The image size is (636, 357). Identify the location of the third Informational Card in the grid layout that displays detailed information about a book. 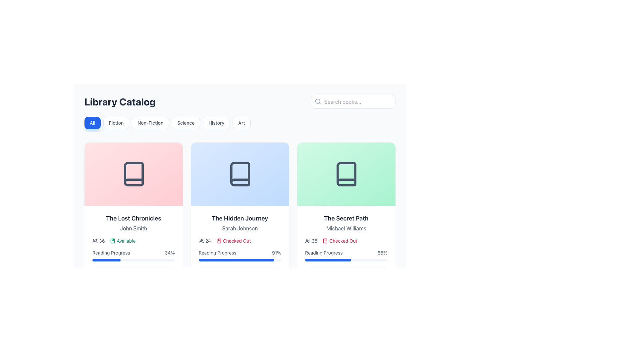
(346, 215).